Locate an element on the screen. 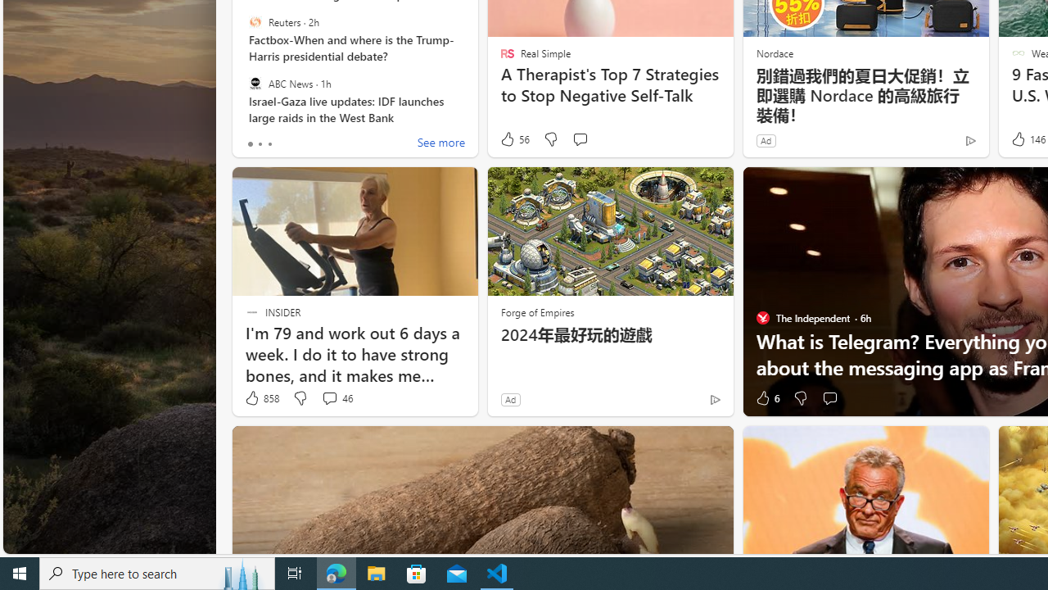  'View comments 46 Comment' is located at coordinates (328, 398).